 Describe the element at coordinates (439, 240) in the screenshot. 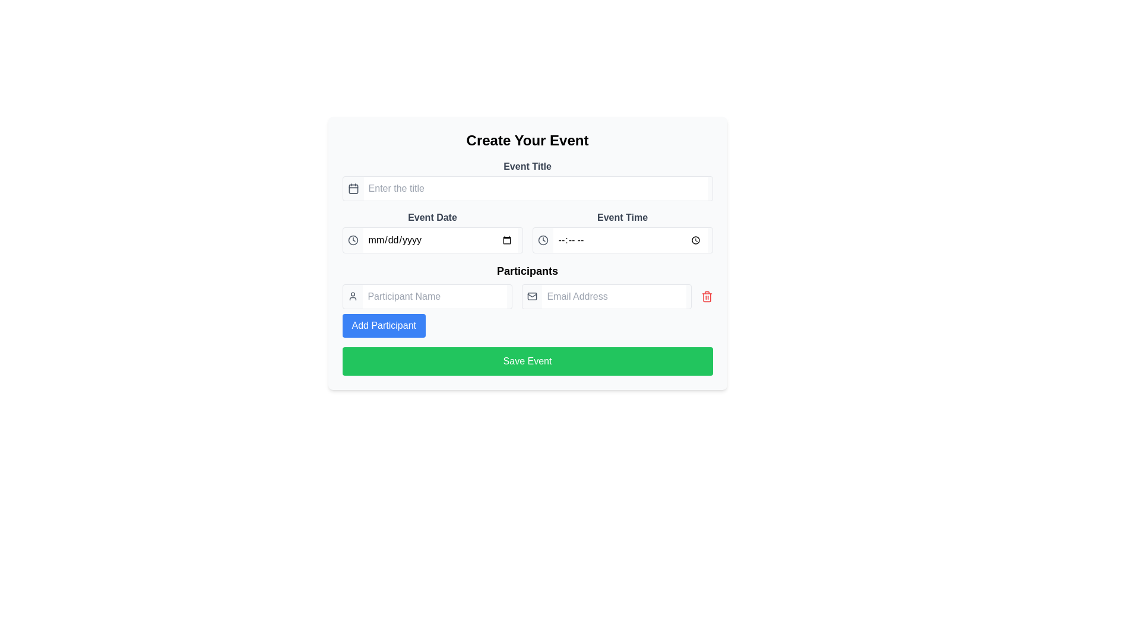

I see `a date in the Input Field of type 'date' located below the 'Event Title' field, part of the 'Event Date' input group` at that location.